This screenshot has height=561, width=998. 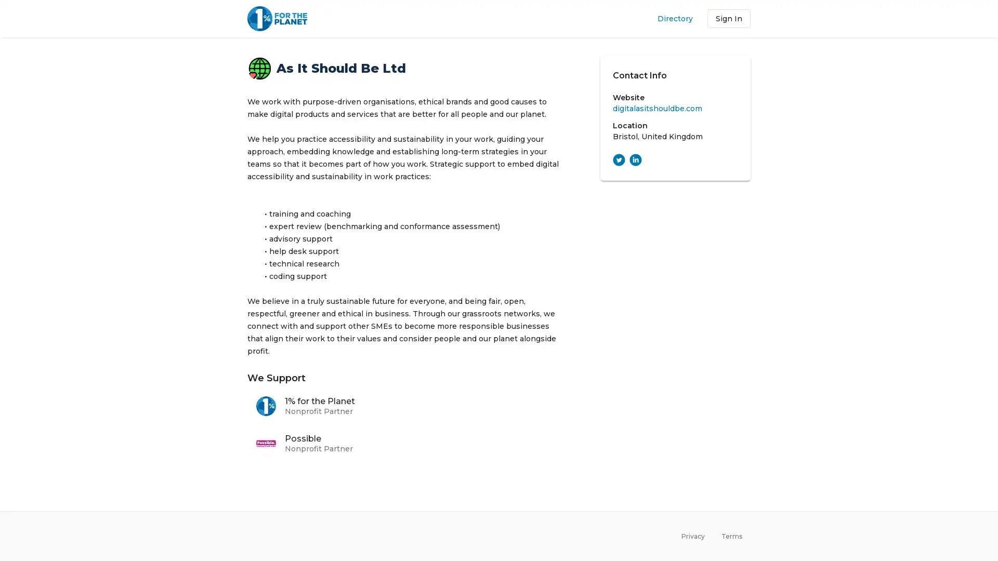 What do you see at coordinates (728, 18) in the screenshot?
I see `Sign In` at bounding box center [728, 18].